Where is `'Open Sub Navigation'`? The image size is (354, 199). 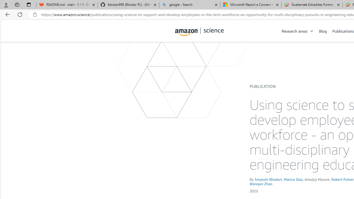
'Open Sub Navigation' is located at coordinates (312, 31).